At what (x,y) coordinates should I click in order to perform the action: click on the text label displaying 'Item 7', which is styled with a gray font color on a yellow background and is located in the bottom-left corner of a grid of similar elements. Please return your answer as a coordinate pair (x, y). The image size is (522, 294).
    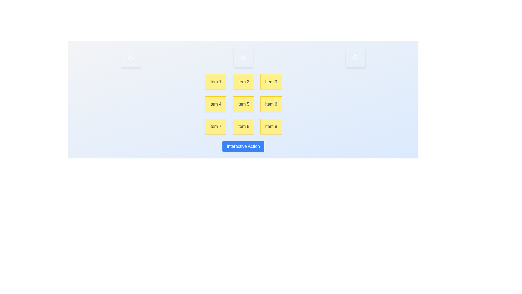
    Looking at the image, I should click on (215, 126).